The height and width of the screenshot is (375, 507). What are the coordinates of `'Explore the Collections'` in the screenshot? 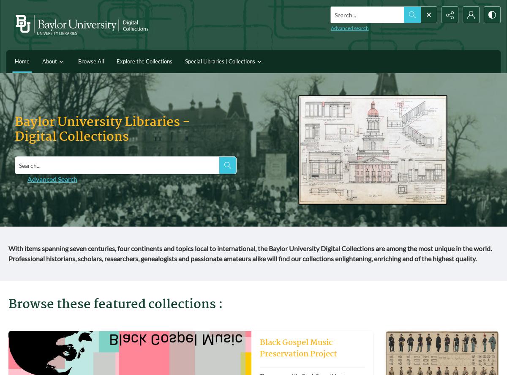 It's located at (144, 61).